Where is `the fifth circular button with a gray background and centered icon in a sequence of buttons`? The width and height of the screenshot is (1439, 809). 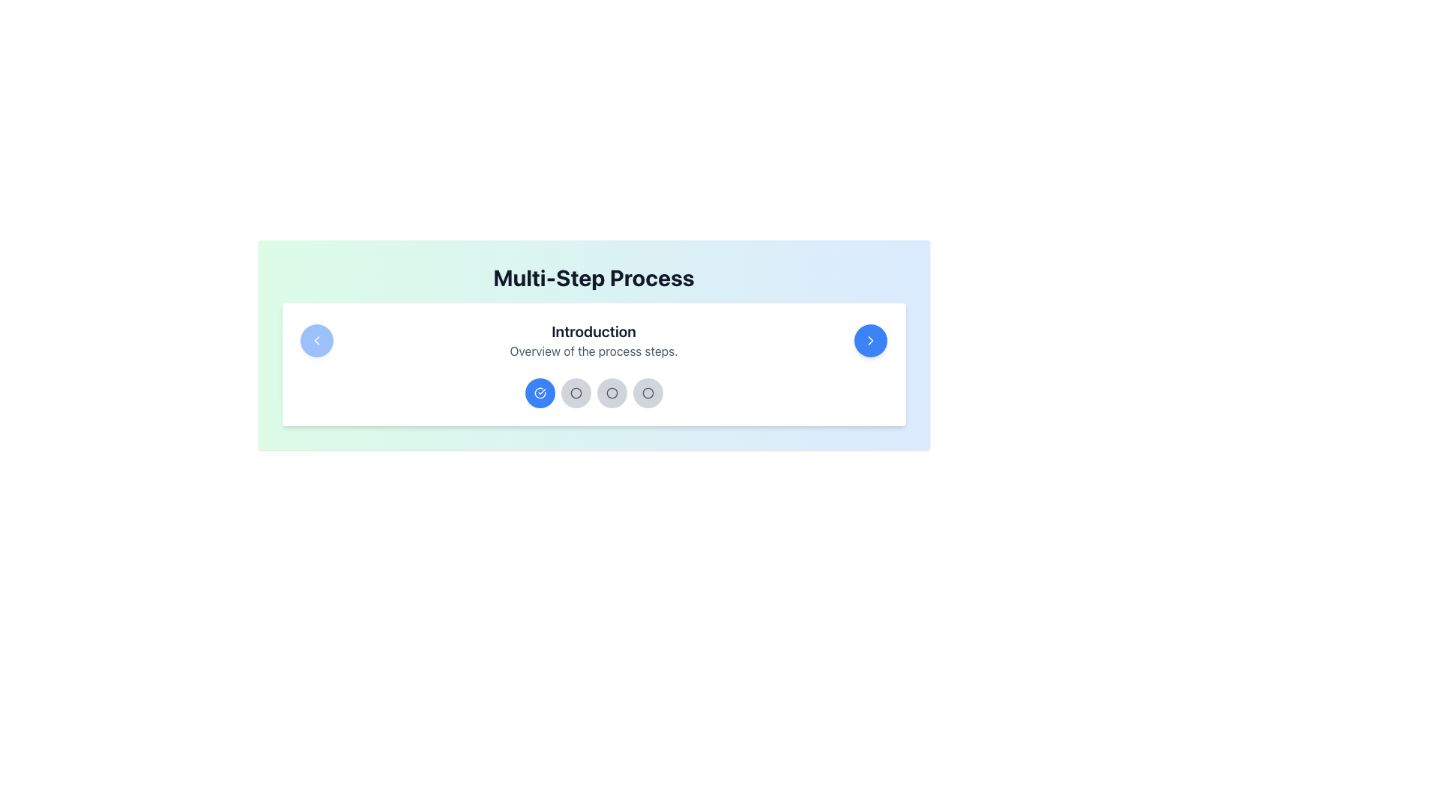
the fifth circular button with a gray background and centered icon in a sequence of buttons is located at coordinates (648, 392).